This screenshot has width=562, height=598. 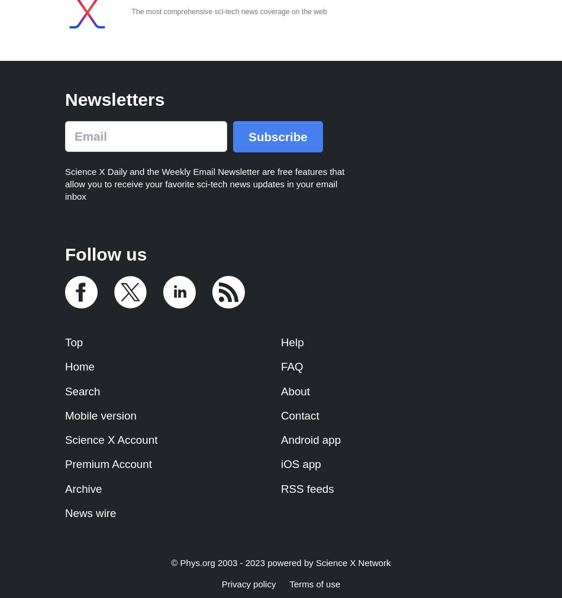 I want to click on 'Help', so click(x=292, y=342).